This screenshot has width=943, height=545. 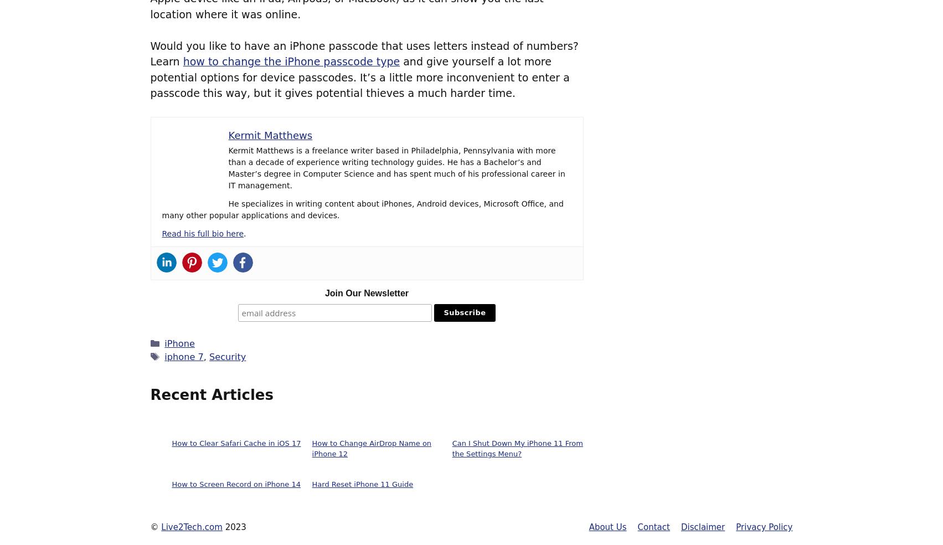 I want to click on '.', so click(x=244, y=234).